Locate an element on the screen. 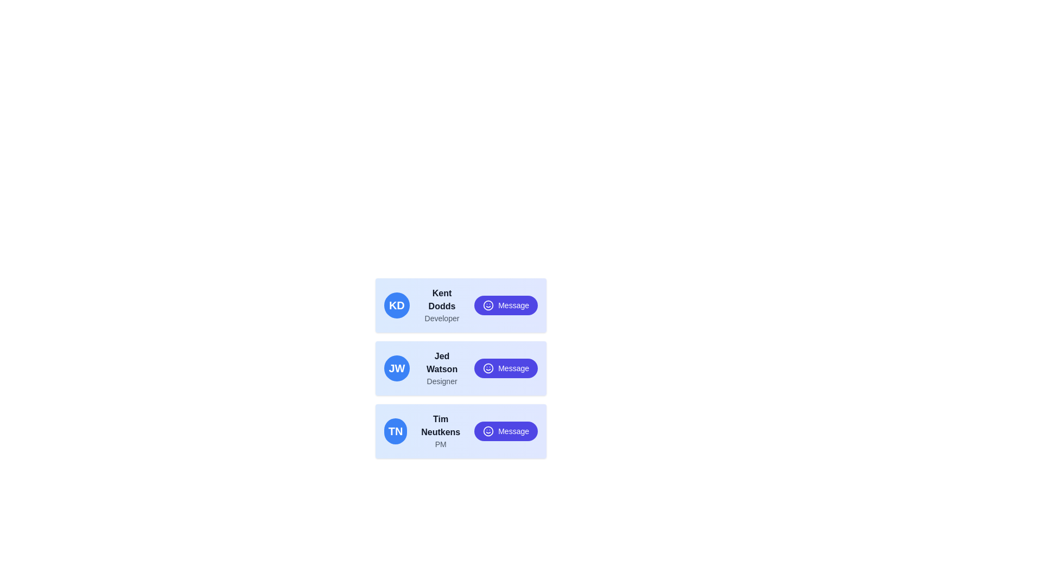  the rounded rectangular button with a rich indigo background and white text reading 'Message', which is located at the rightmost side of the card about Kent Dodds, to send a message is located at coordinates (505, 305).